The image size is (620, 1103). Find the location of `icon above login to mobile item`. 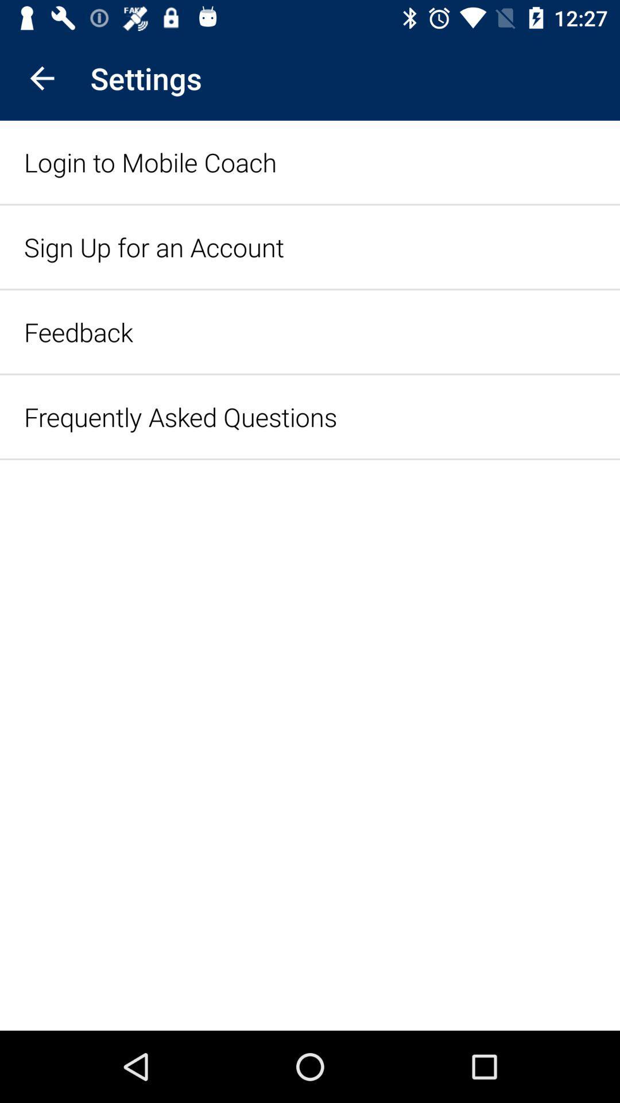

icon above login to mobile item is located at coordinates (41, 78).